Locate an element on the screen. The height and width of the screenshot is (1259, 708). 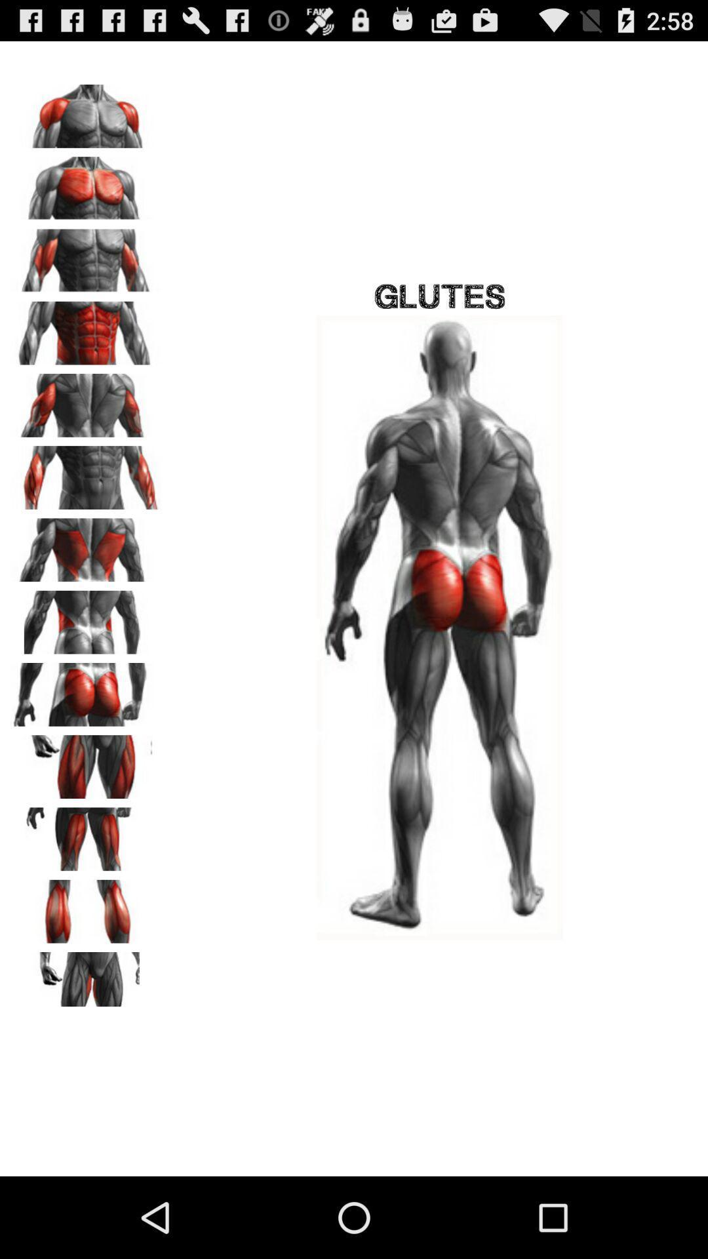
choose muscles is located at coordinates (86, 834).